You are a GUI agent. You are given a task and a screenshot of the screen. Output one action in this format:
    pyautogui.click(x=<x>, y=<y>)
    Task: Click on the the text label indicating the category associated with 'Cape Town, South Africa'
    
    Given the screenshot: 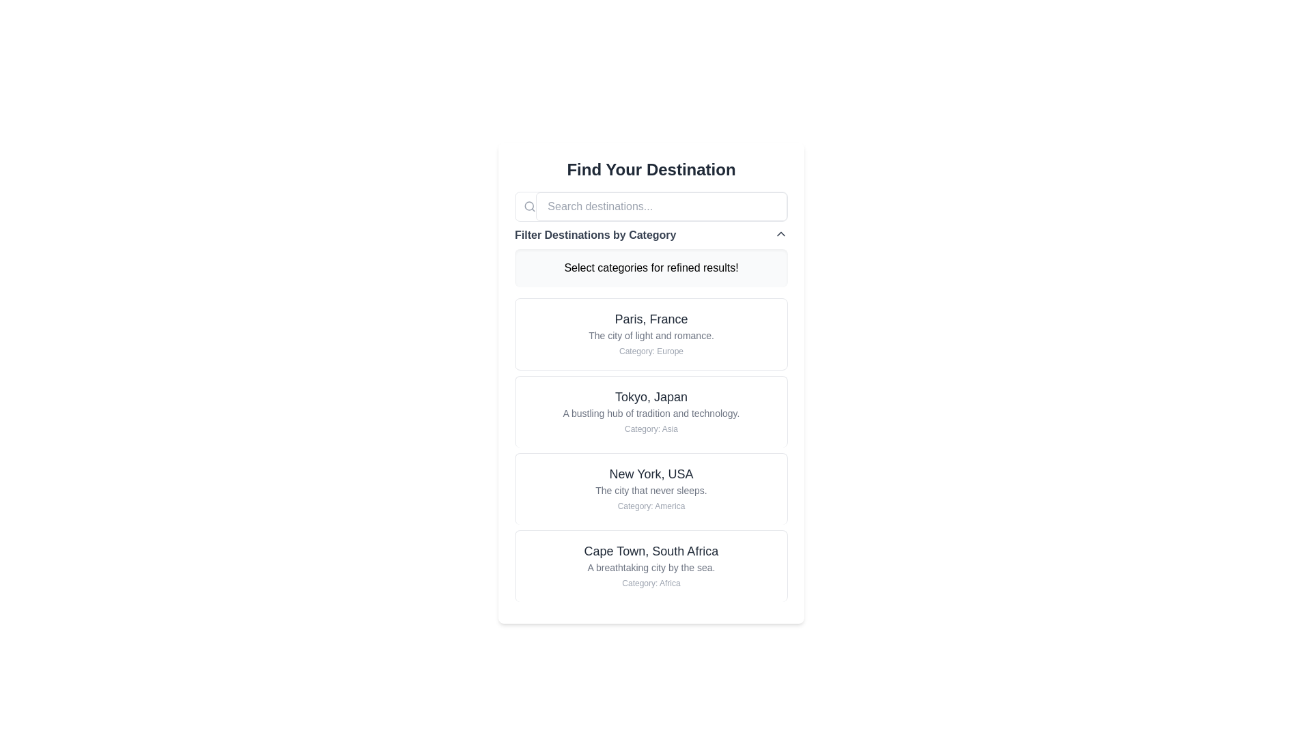 What is the action you would take?
    pyautogui.click(x=651, y=583)
    